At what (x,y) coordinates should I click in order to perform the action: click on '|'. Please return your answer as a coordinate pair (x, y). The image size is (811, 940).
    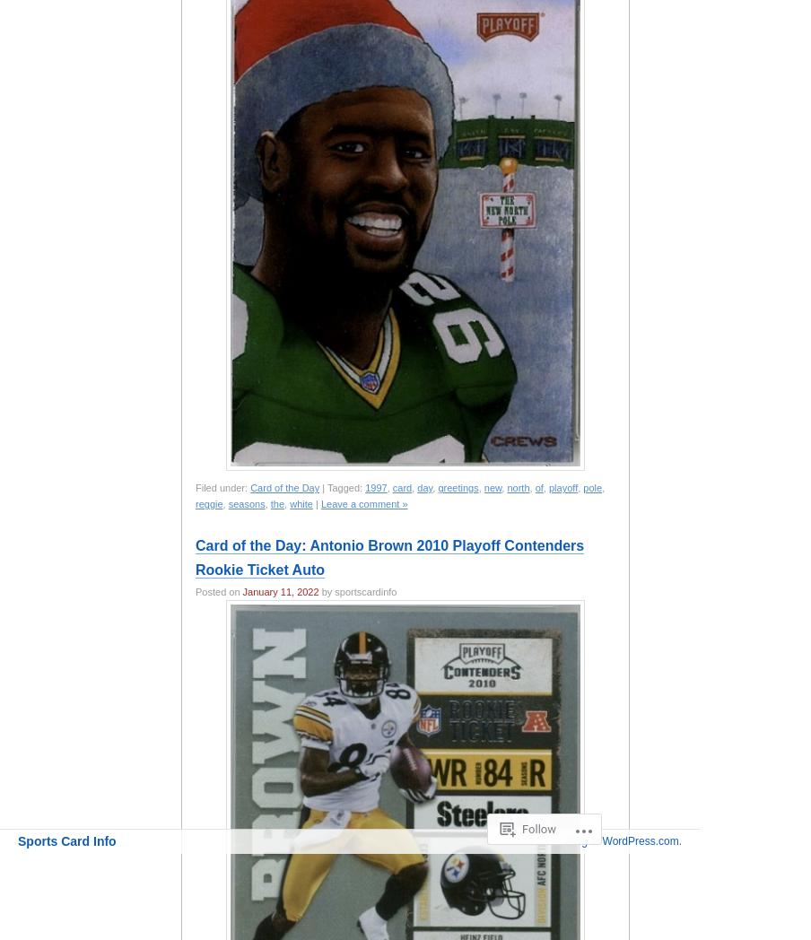
    Looking at the image, I should click on (315, 503).